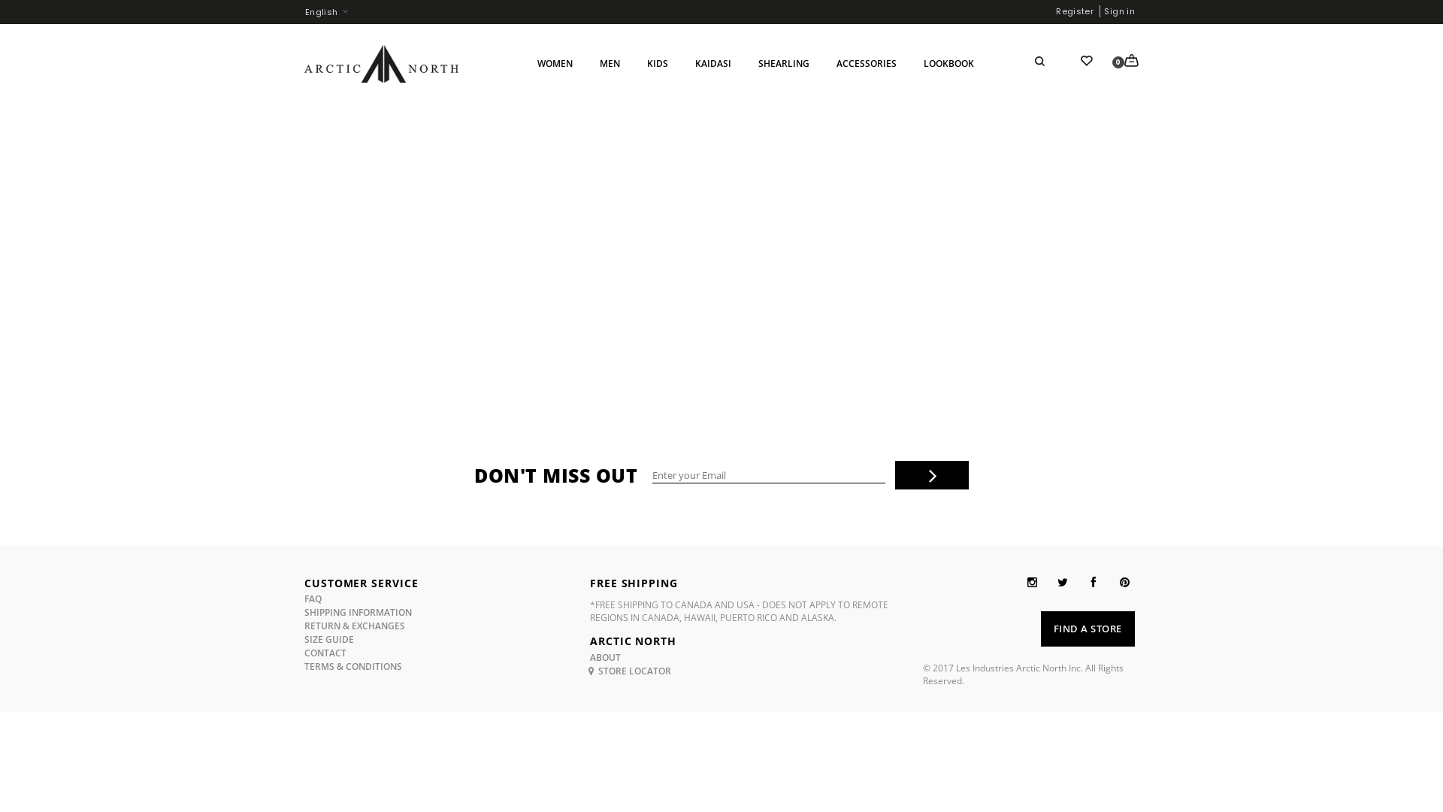 This screenshot has height=812, width=1443. Describe the element at coordinates (948, 62) in the screenshot. I see `'LOOKBOOK'` at that location.